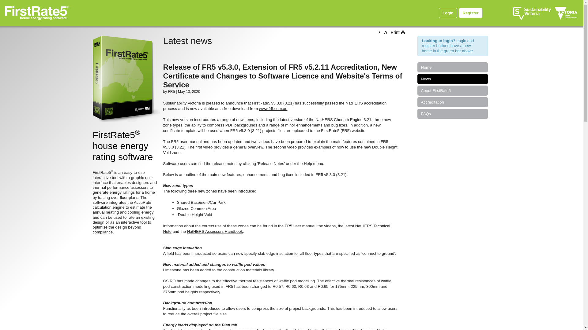  What do you see at coordinates (448, 13) in the screenshot?
I see `'Login'` at bounding box center [448, 13].